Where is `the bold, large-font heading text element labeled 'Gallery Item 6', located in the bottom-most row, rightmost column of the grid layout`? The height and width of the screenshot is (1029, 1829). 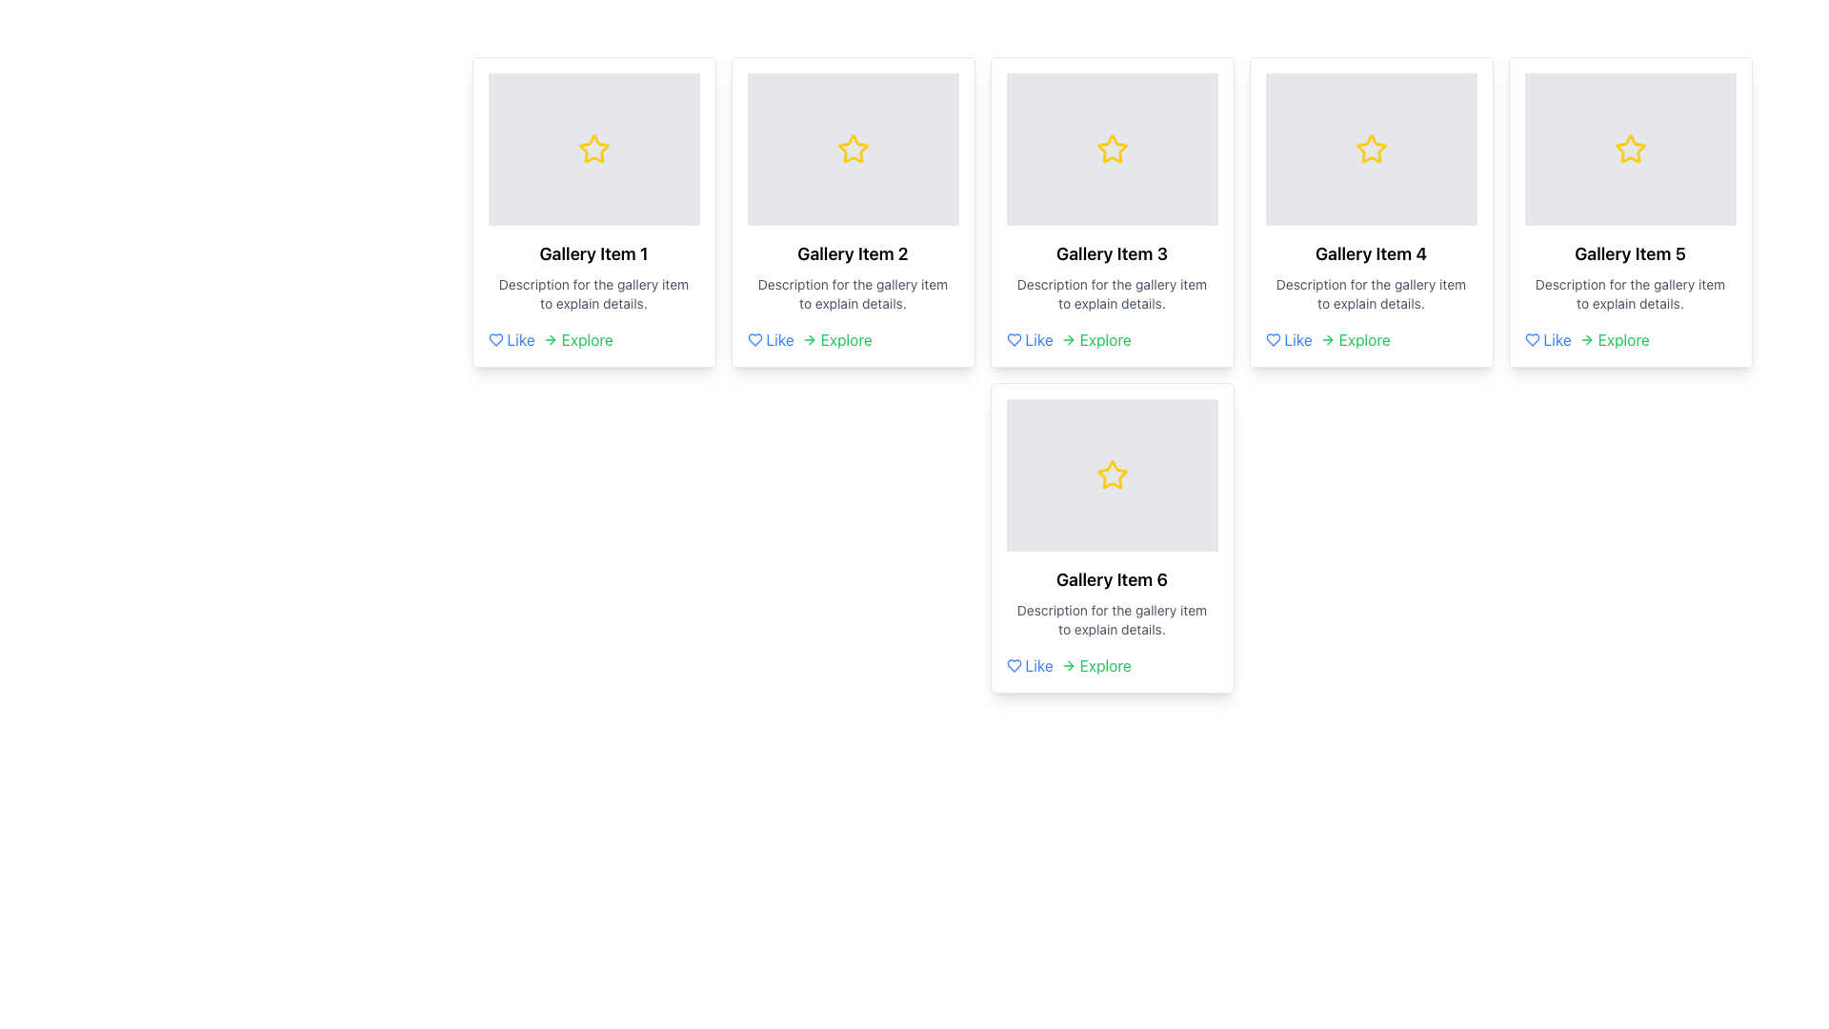 the bold, large-font heading text element labeled 'Gallery Item 6', located in the bottom-most row, rightmost column of the grid layout is located at coordinates (1112, 579).